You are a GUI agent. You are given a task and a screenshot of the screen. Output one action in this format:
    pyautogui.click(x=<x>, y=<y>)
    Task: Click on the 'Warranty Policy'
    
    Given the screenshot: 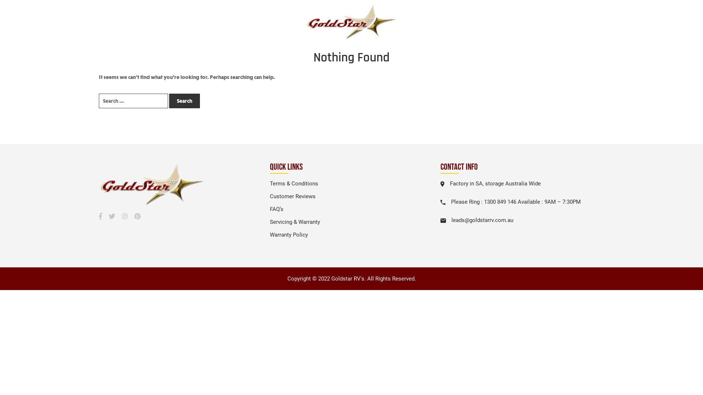 What is the action you would take?
    pyautogui.click(x=288, y=234)
    